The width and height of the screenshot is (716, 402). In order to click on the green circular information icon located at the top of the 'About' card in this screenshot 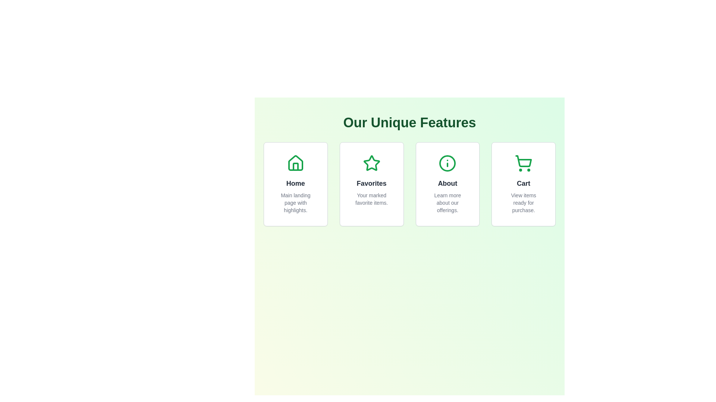, I will do `click(447, 163)`.